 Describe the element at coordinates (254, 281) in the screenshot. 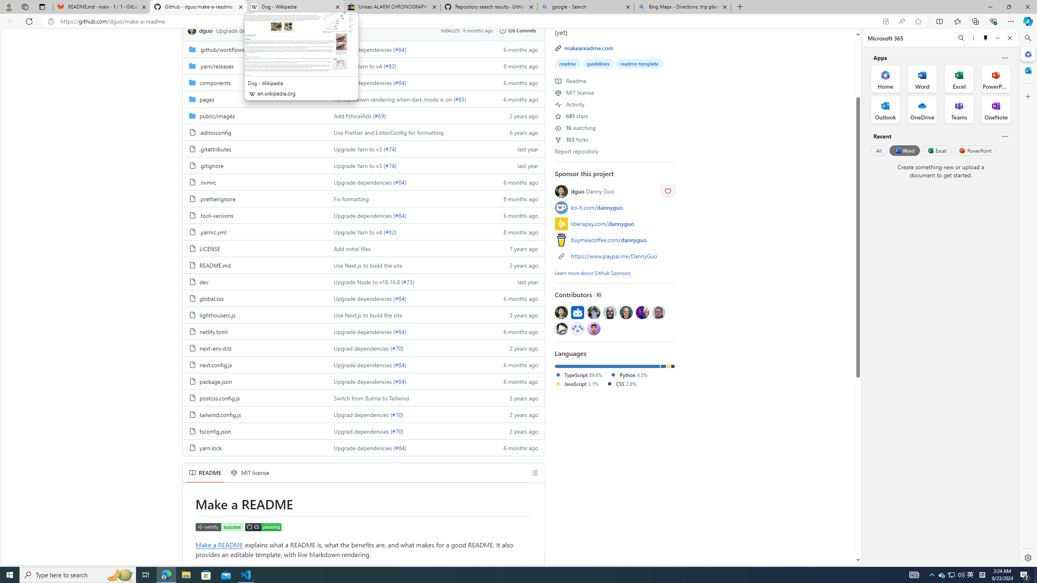

I see `'dev, (File)'` at that location.